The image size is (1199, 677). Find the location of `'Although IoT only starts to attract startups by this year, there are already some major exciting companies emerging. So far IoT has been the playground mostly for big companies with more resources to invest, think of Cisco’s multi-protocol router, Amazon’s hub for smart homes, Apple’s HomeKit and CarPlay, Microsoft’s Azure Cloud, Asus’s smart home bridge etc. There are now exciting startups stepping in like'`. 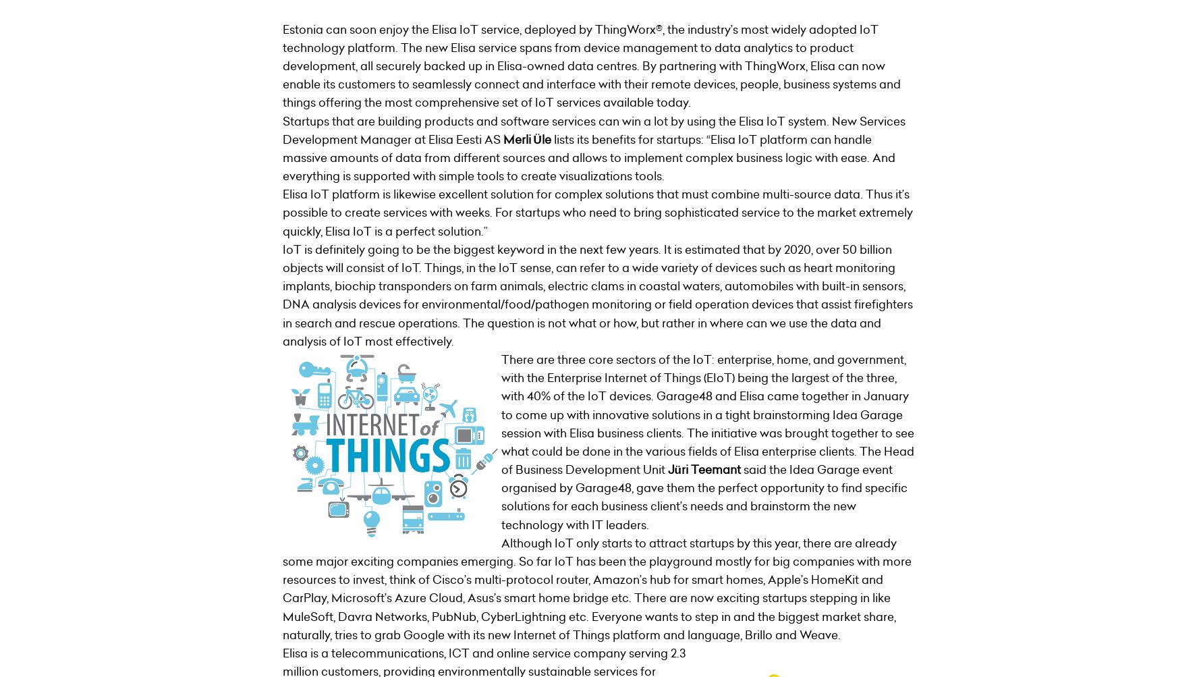

'Although IoT only starts to attract startups by this year, there are already some major exciting companies emerging. So far IoT has been the playground mostly for big companies with more resources to invest, think of Cisco’s multi-protocol router, Amazon’s hub for smart homes, Apple’s HomeKit and CarPlay, Microsoft’s Azure Cloud, Asus’s smart home bridge etc. There are now exciting startups stepping in like' is located at coordinates (596, 570).